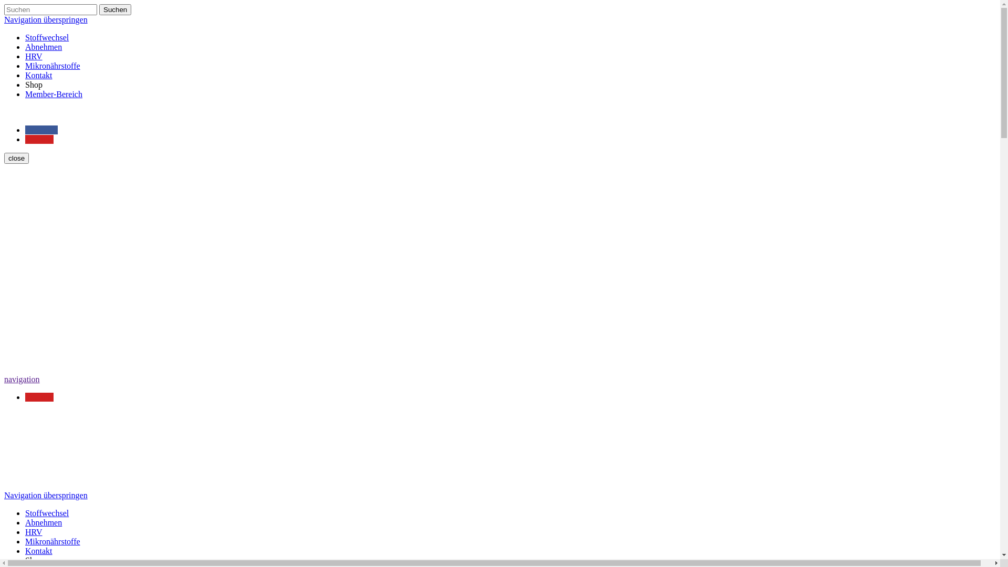  What do you see at coordinates (22, 379) in the screenshot?
I see `'navigation'` at bounding box center [22, 379].